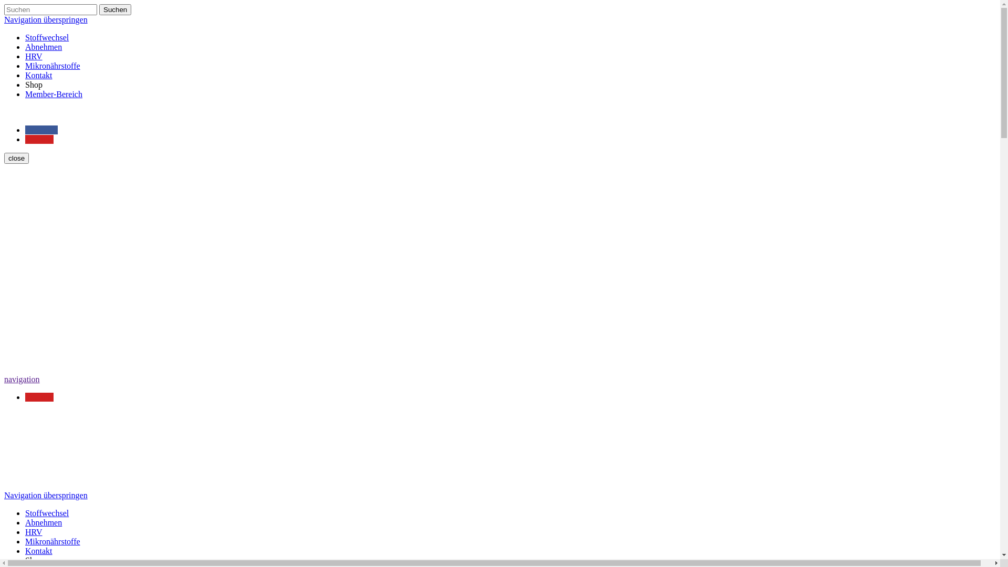  What do you see at coordinates (22, 379) in the screenshot?
I see `'navigation'` at bounding box center [22, 379].